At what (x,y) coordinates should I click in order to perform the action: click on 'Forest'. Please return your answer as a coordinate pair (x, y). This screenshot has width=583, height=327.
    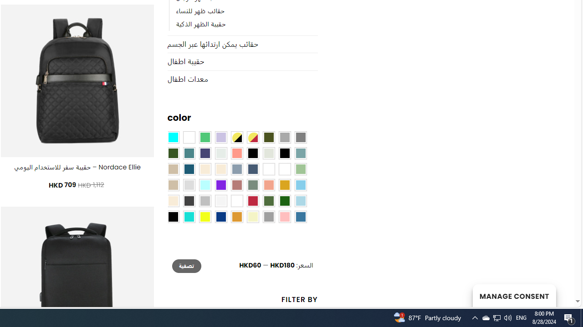
    Looking at the image, I should click on (173, 153).